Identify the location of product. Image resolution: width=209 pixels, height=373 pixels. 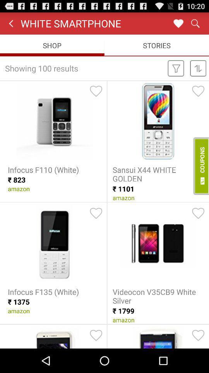
(96, 91).